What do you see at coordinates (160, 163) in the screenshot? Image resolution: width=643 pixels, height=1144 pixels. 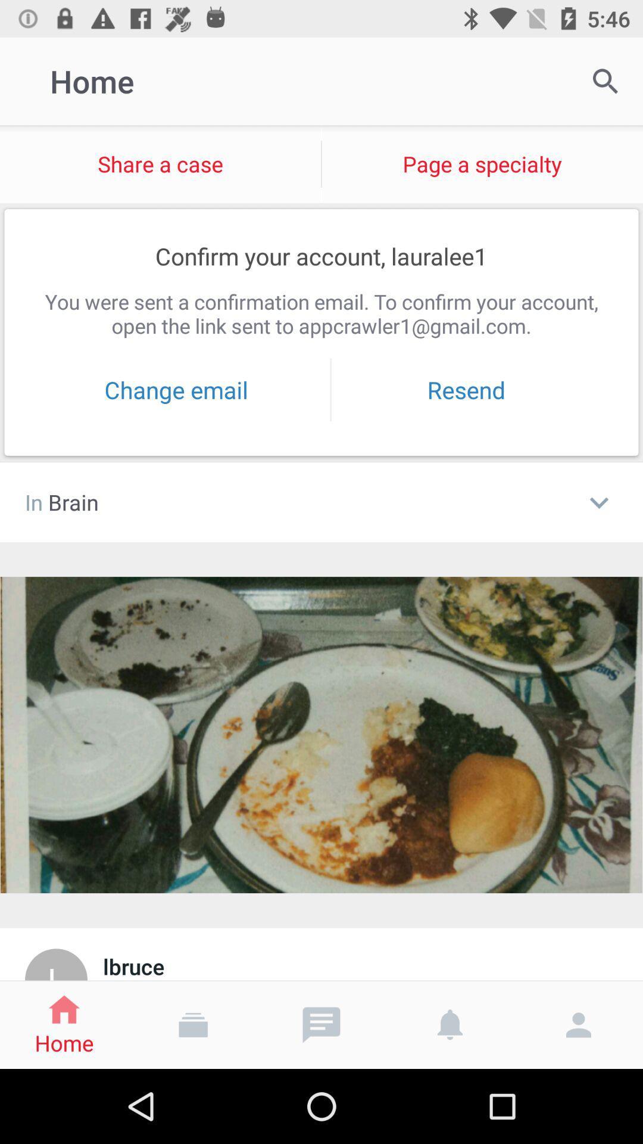 I see `item below home item` at bounding box center [160, 163].